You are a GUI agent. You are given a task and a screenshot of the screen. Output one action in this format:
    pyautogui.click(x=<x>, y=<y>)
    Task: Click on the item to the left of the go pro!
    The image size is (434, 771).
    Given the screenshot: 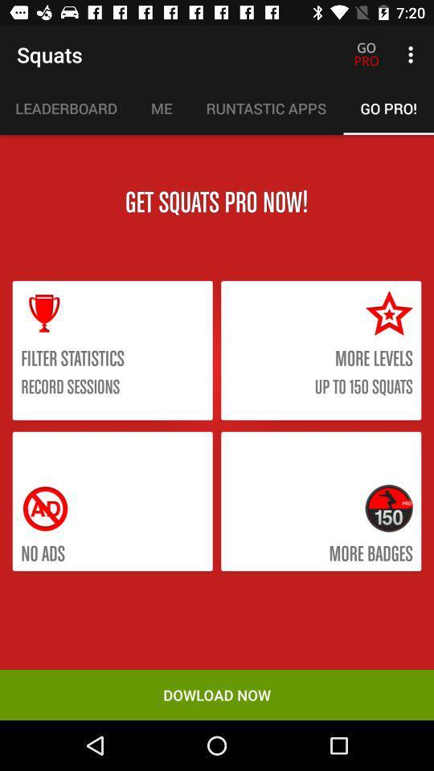 What is the action you would take?
    pyautogui.click(x=266, y=108)
    